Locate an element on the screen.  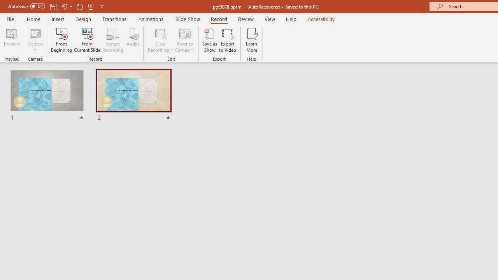
'Learn More' is located at coordinates (252, 40).